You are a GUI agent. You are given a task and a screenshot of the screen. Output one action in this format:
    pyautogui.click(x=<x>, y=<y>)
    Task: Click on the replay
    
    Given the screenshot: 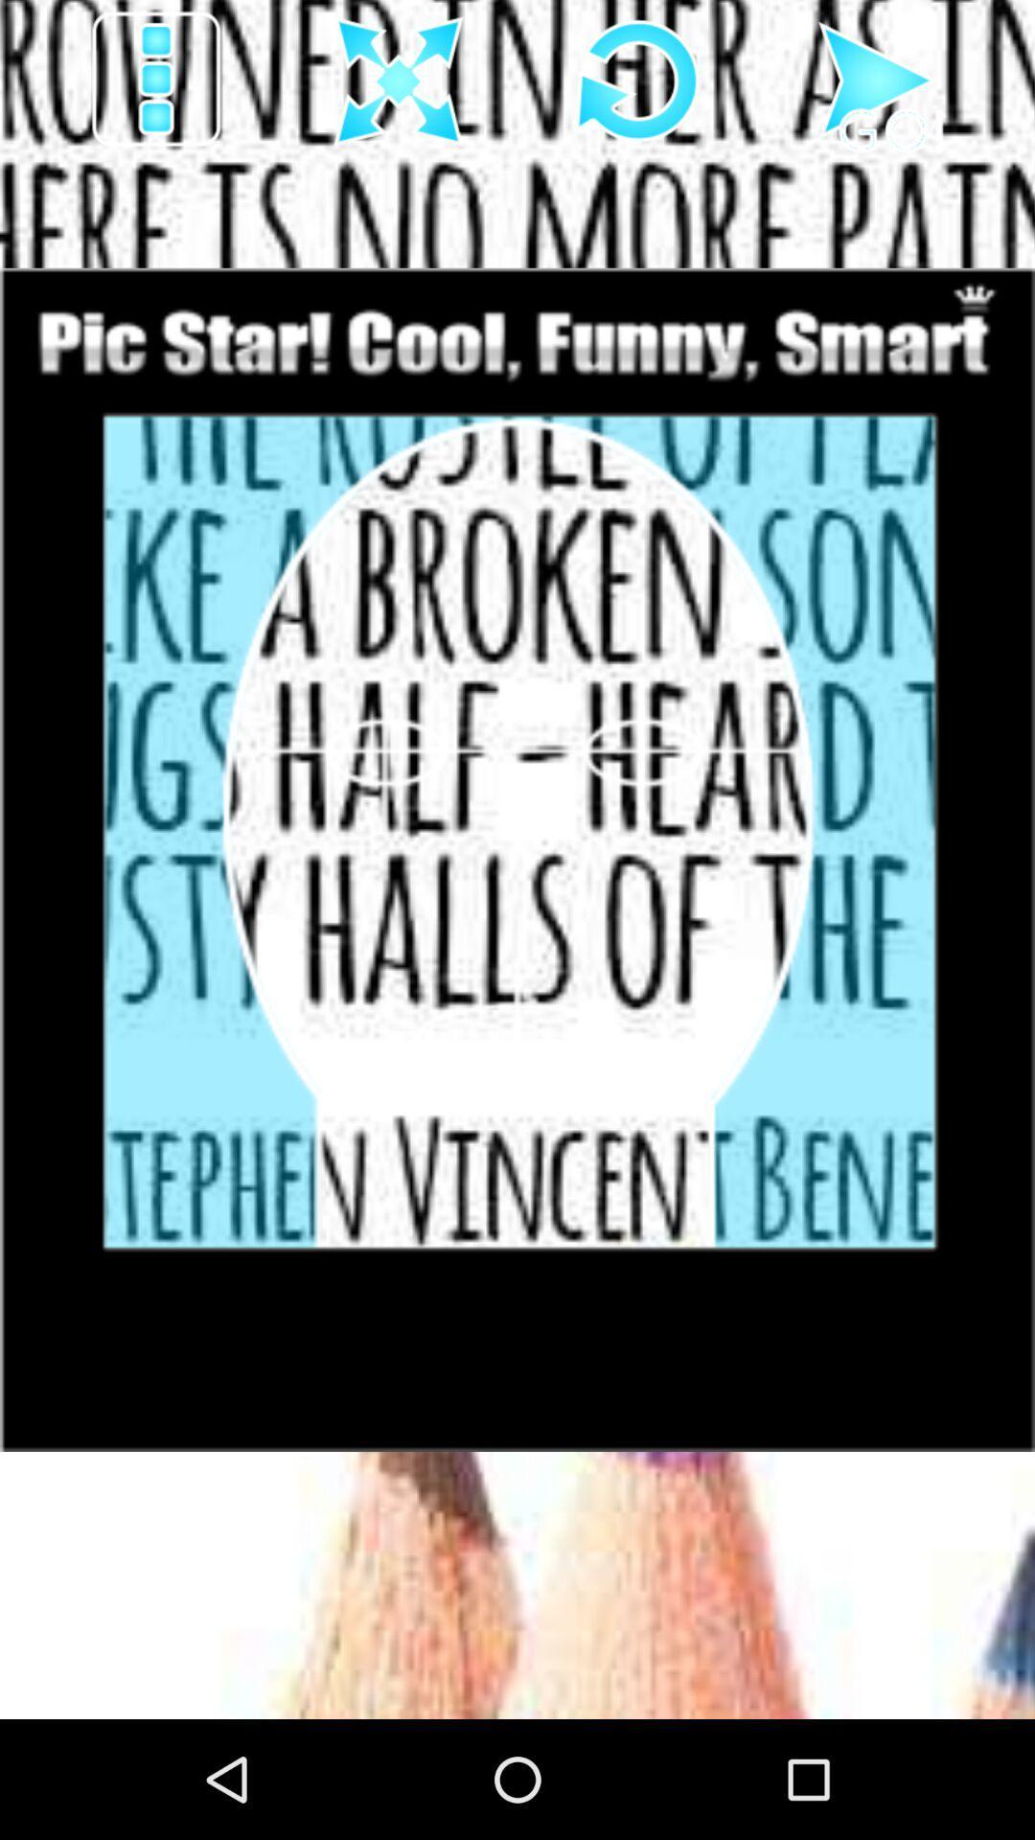 What is the action you would take?
    pyautogui.click(x=638, y=80)
    